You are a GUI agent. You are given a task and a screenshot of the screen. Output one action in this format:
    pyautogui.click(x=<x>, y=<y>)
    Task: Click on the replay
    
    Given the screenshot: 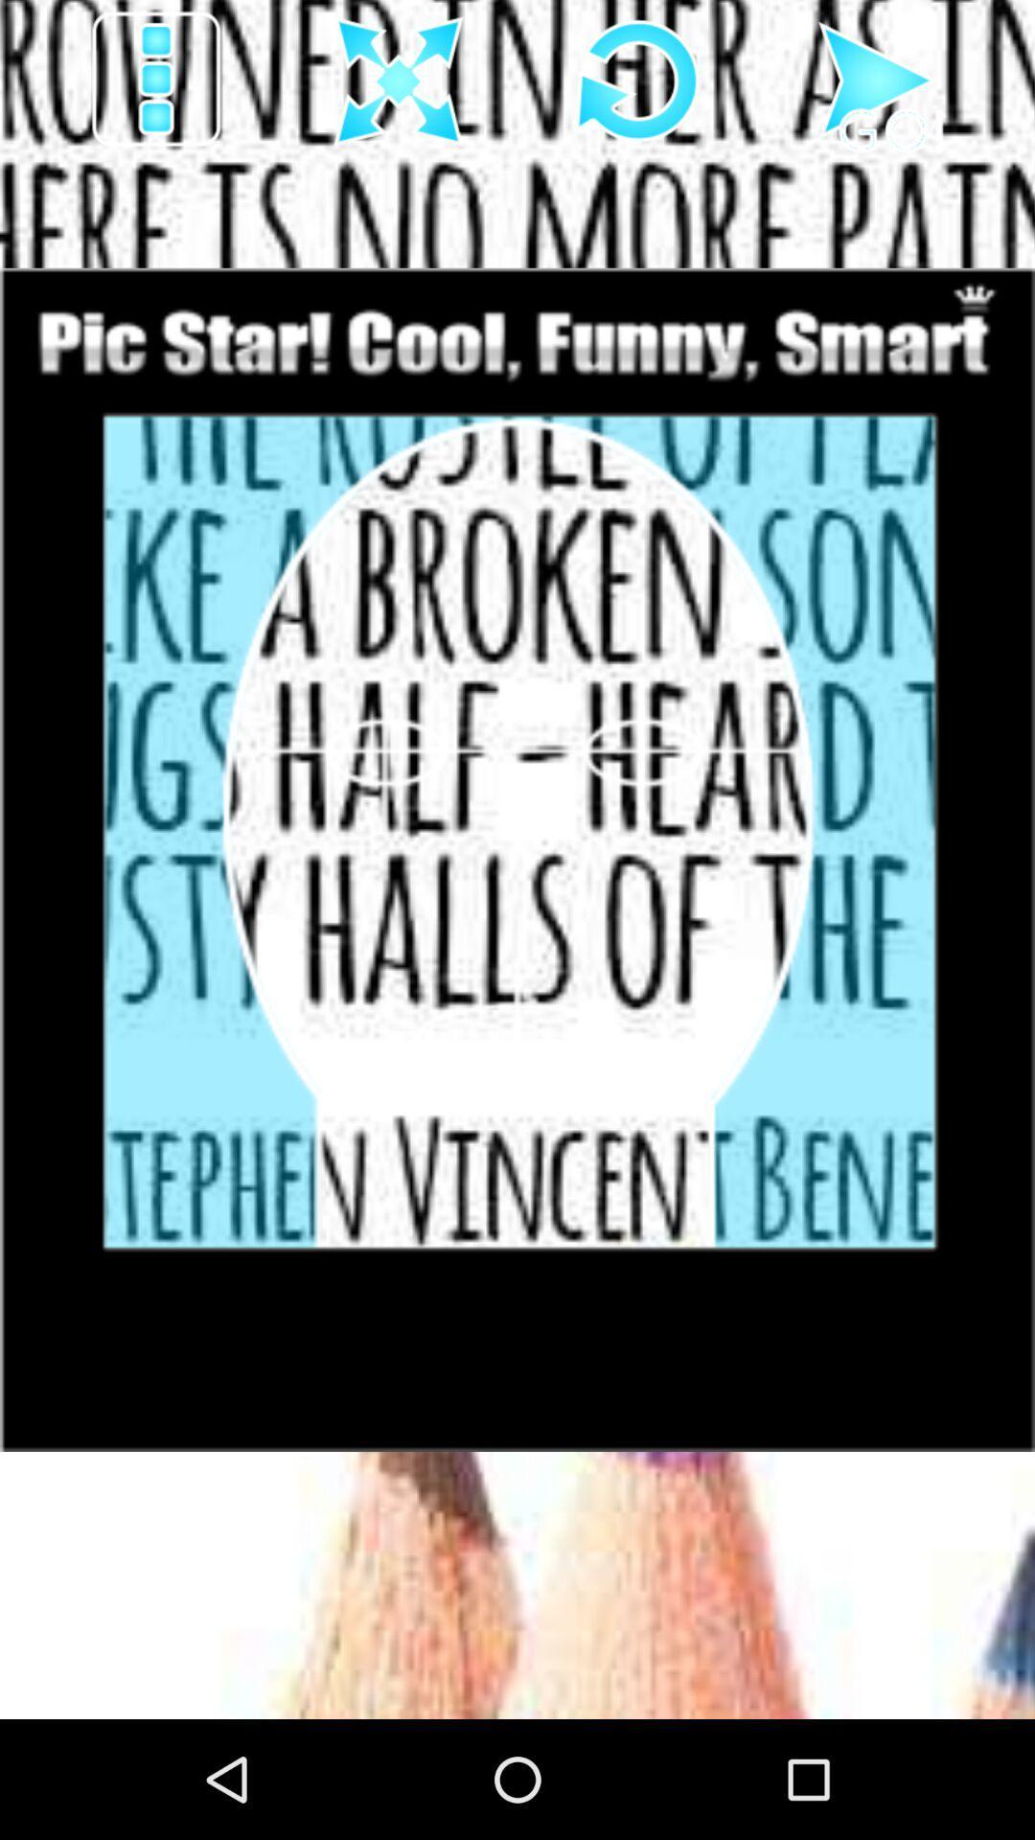 What is the action you would take?
    pyautogui.click(x=638, y=80)
    